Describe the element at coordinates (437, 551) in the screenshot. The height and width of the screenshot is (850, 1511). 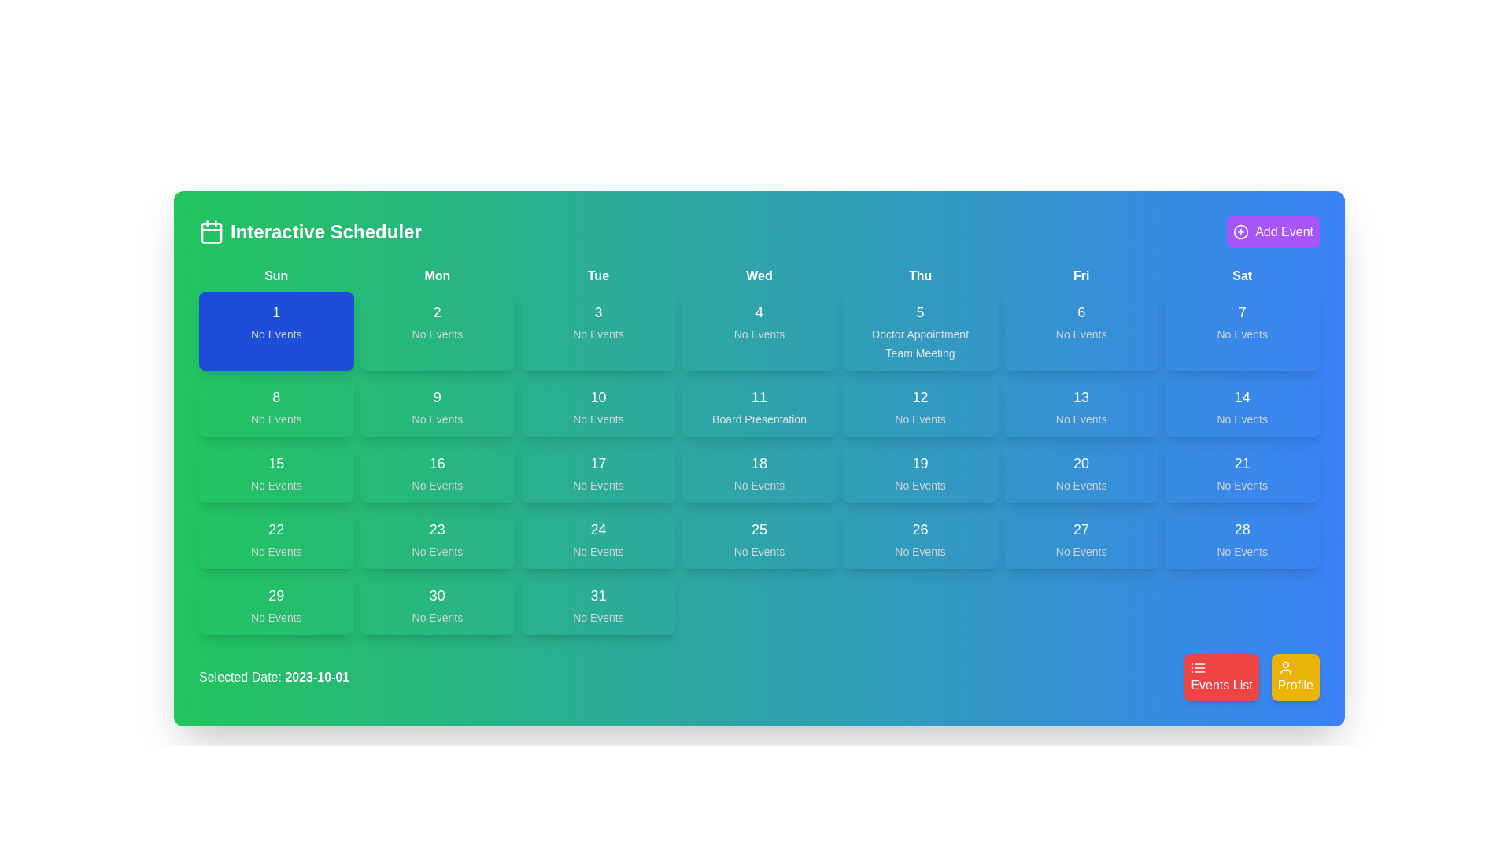
I see `the text label displaying 'No Events' located within the green box of the calendar cell for date 23` at that location.